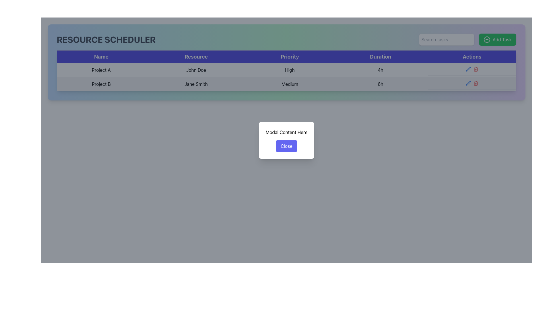 This screenshot has height=310, width=551. I want to click on the decorative graphical icon embedded in the 'Add Task' button located in the upper-right section of the interface, so click(486, 39).